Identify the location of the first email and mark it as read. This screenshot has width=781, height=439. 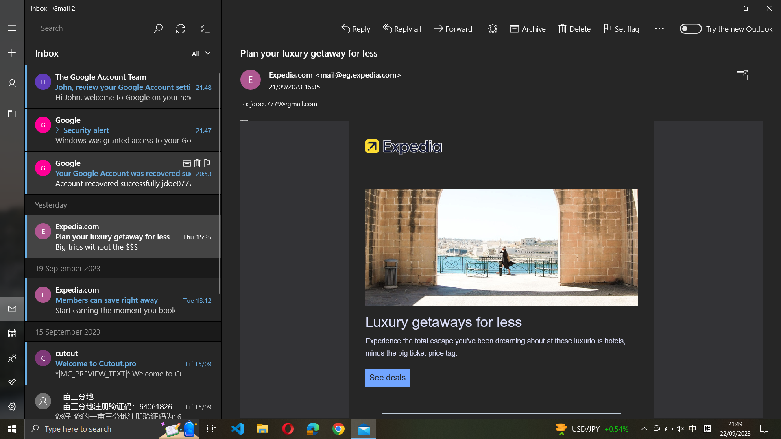
(123, 86).